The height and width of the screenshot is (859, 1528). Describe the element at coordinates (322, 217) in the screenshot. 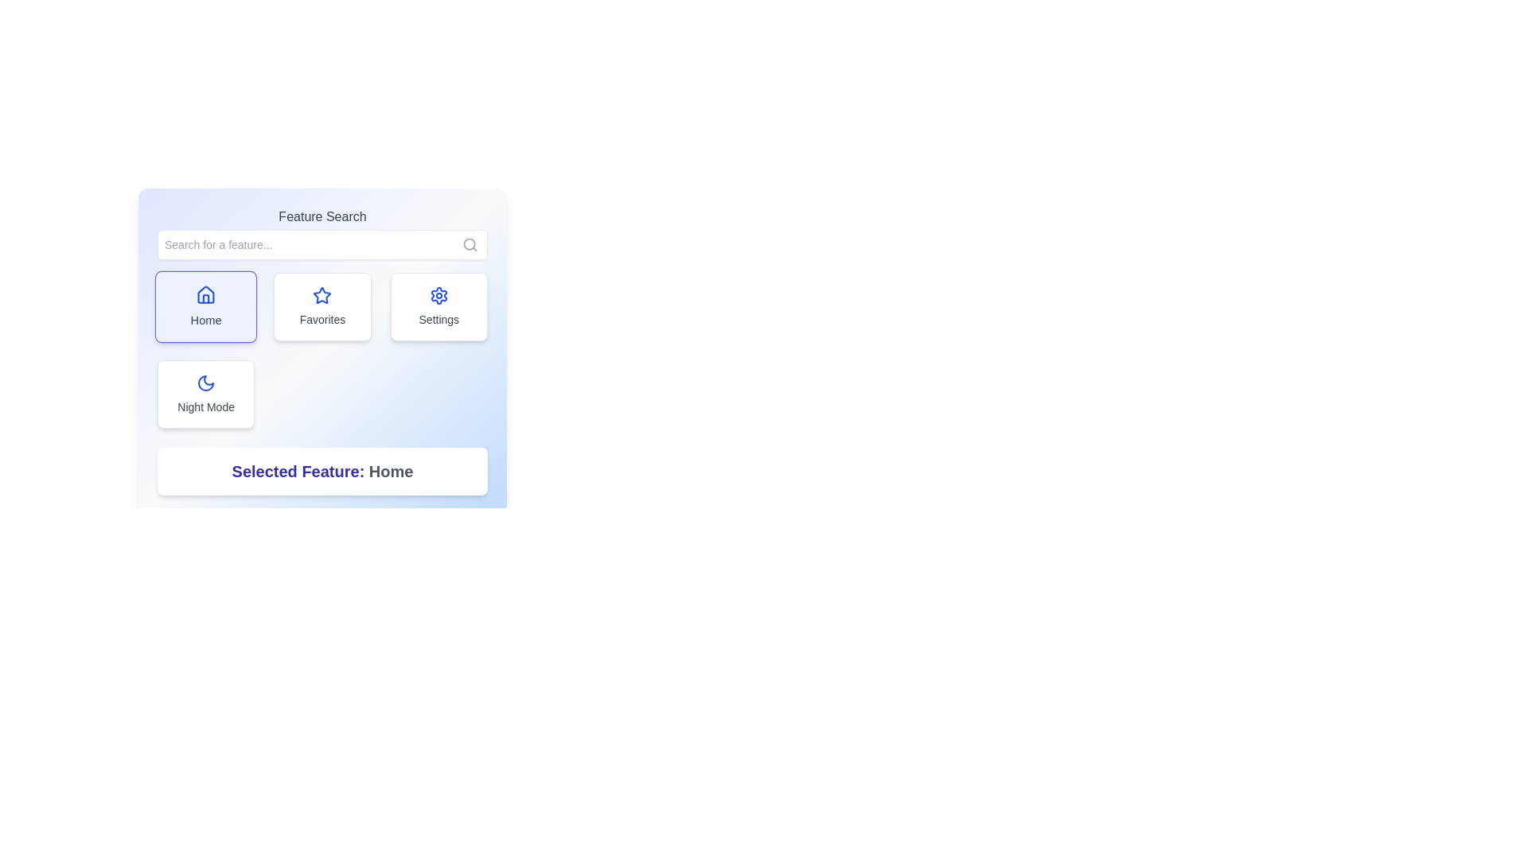

I see `the label that serves as a title for the feature search section, which is positioned above the search input field` at that location.